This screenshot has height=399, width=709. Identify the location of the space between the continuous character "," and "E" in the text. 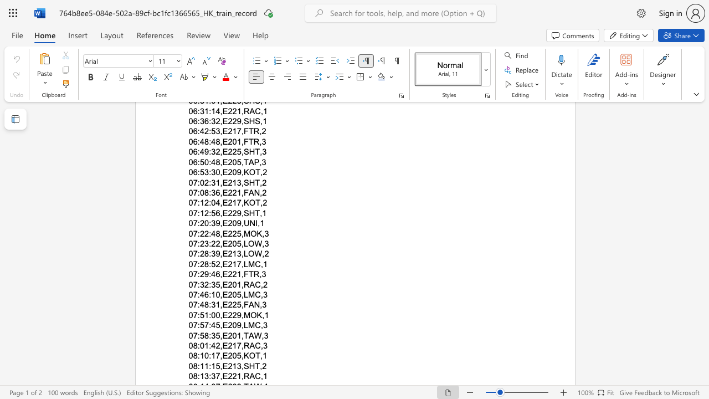
(223, 294).